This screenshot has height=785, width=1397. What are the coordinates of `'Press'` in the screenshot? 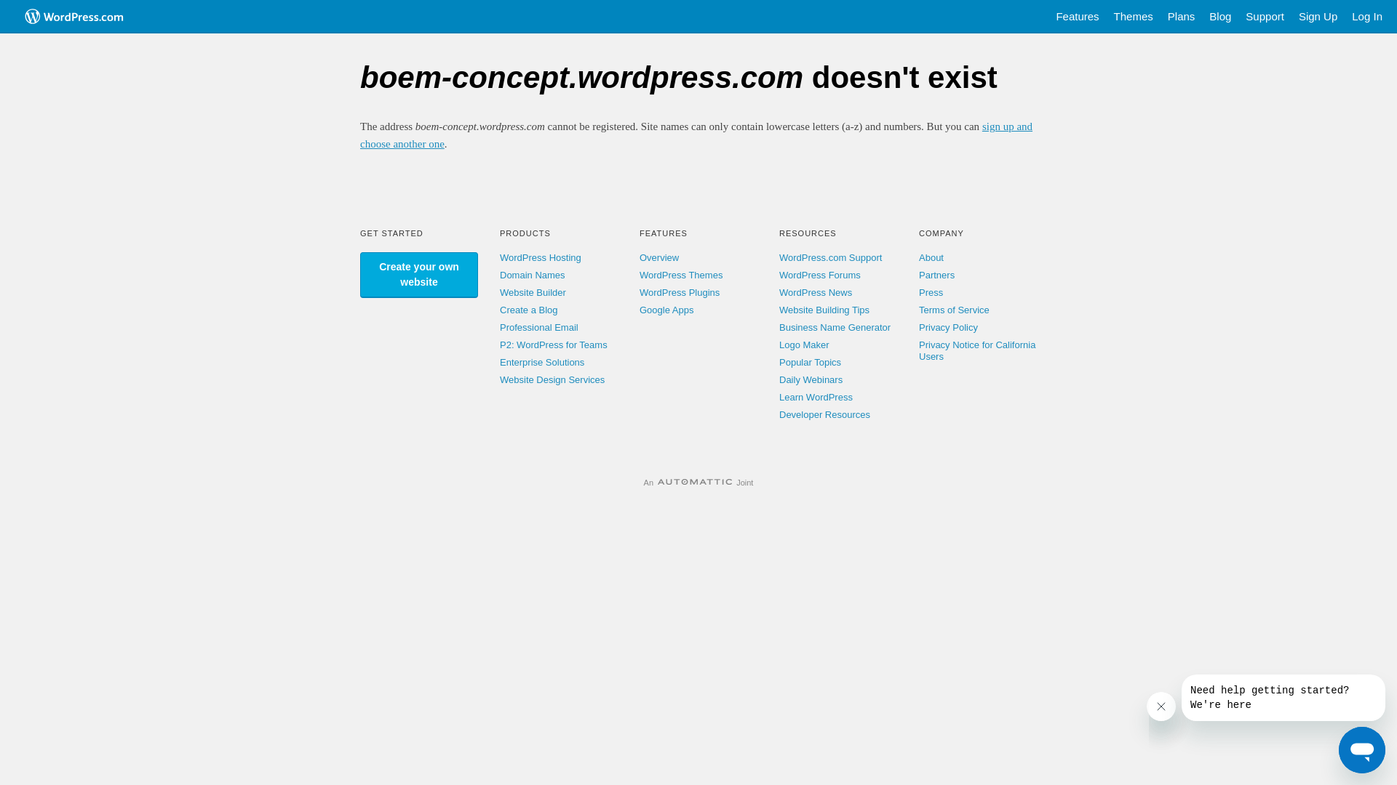 It's located at (930, 292).